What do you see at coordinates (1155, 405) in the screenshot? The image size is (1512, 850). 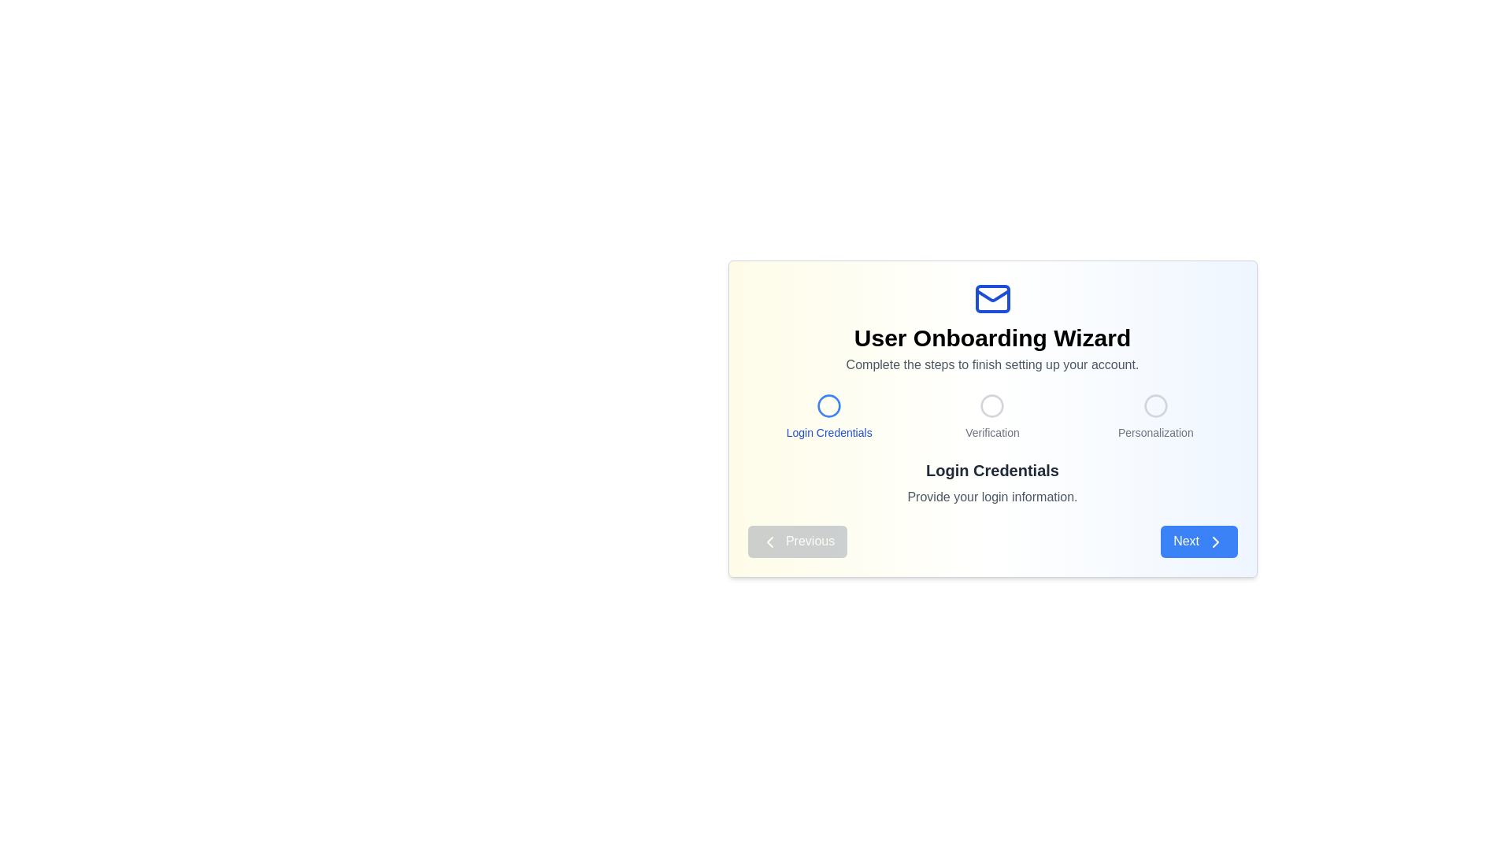 I see `the circular 'Personalization' step indicator, which is a light gray circular icon located in a horizontal sequence of steps` at bounding box center [1155, 405].